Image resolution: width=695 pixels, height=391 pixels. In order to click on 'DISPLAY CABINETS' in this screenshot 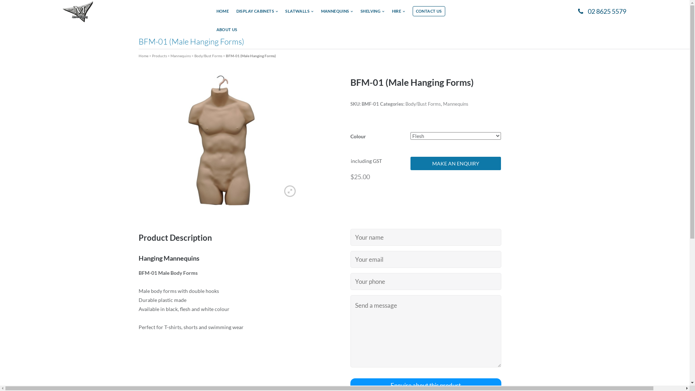, I will do `click(257, 13)`.